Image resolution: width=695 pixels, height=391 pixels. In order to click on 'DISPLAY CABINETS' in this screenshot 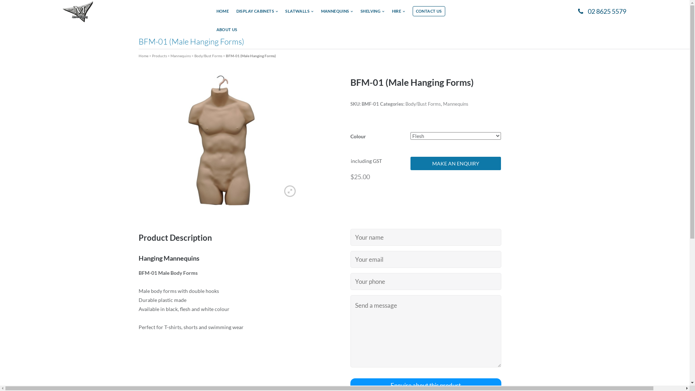, I will do `click(257, 13)`.